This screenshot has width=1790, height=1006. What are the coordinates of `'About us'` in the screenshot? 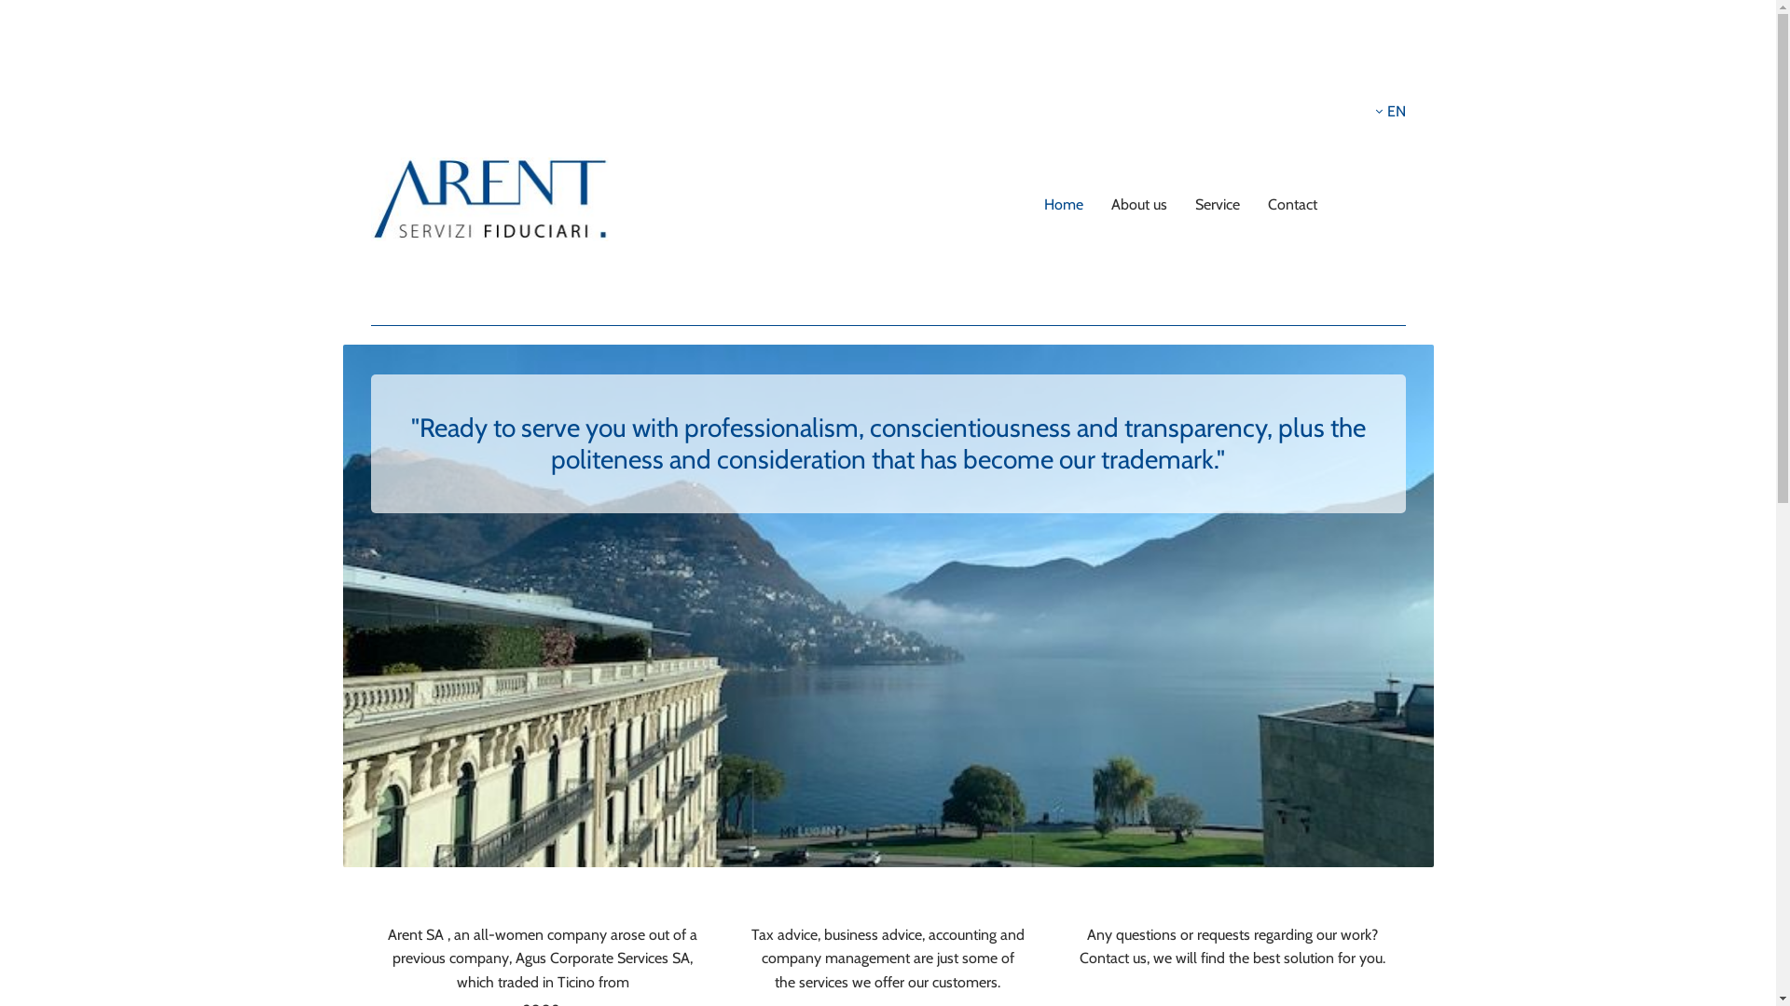 It's located at (1138, 204).